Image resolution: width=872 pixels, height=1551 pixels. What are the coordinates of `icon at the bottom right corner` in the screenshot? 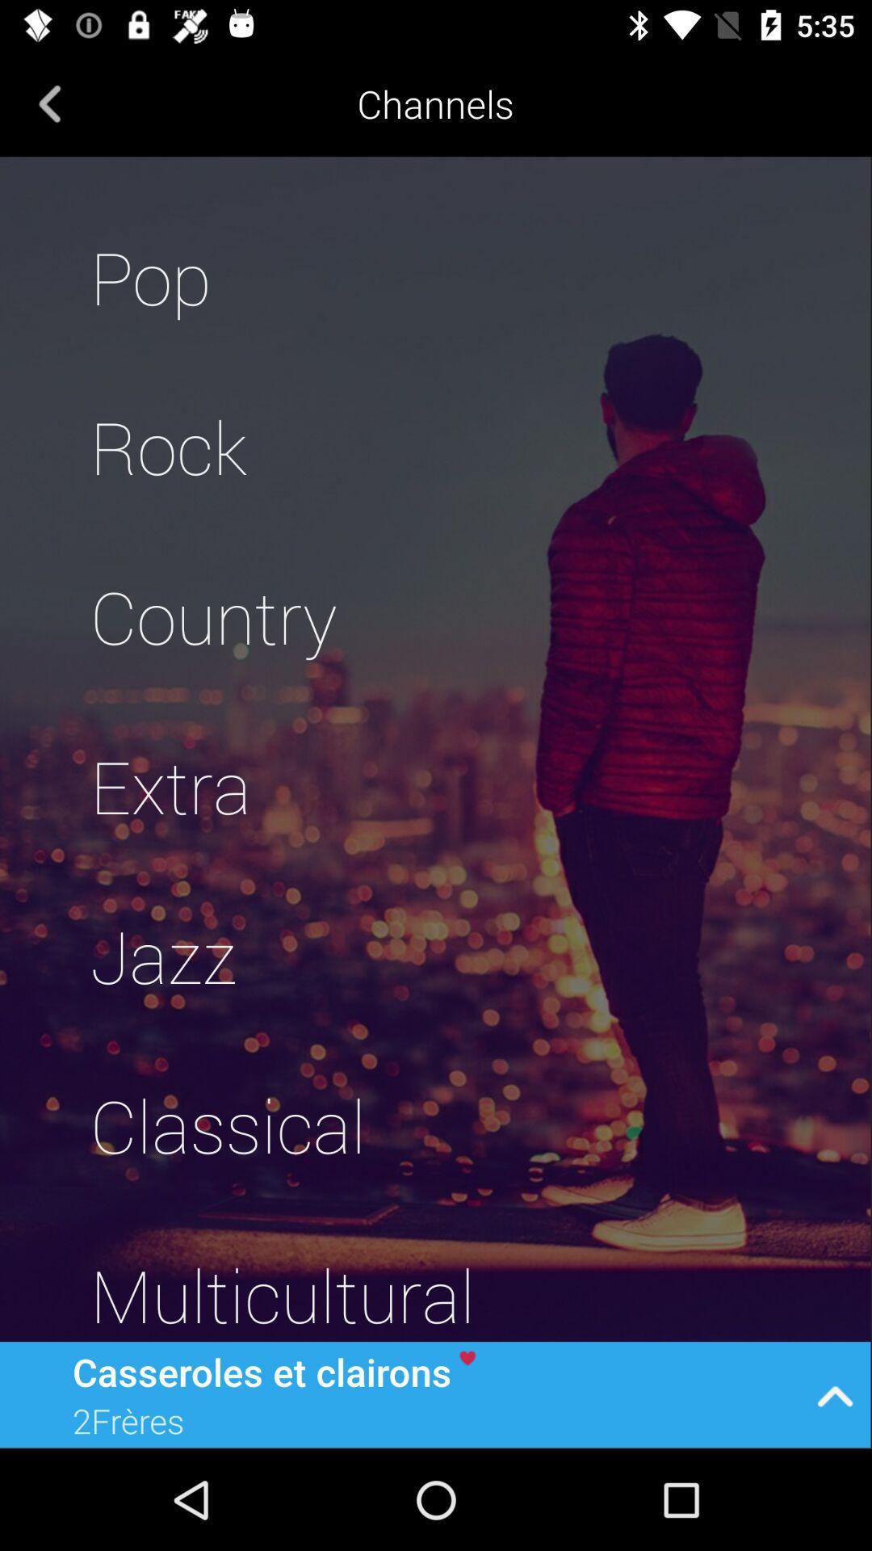 It's located at (835, 1393).